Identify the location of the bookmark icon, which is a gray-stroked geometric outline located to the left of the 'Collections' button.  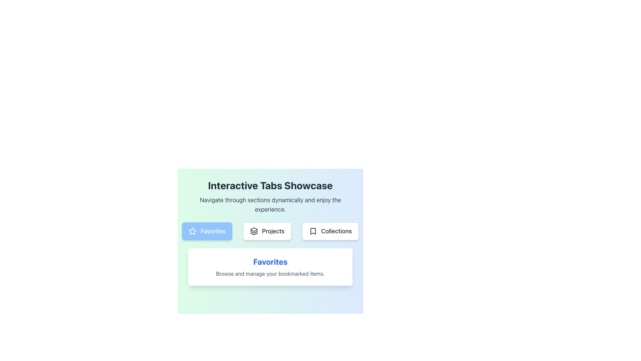
(313, 231).